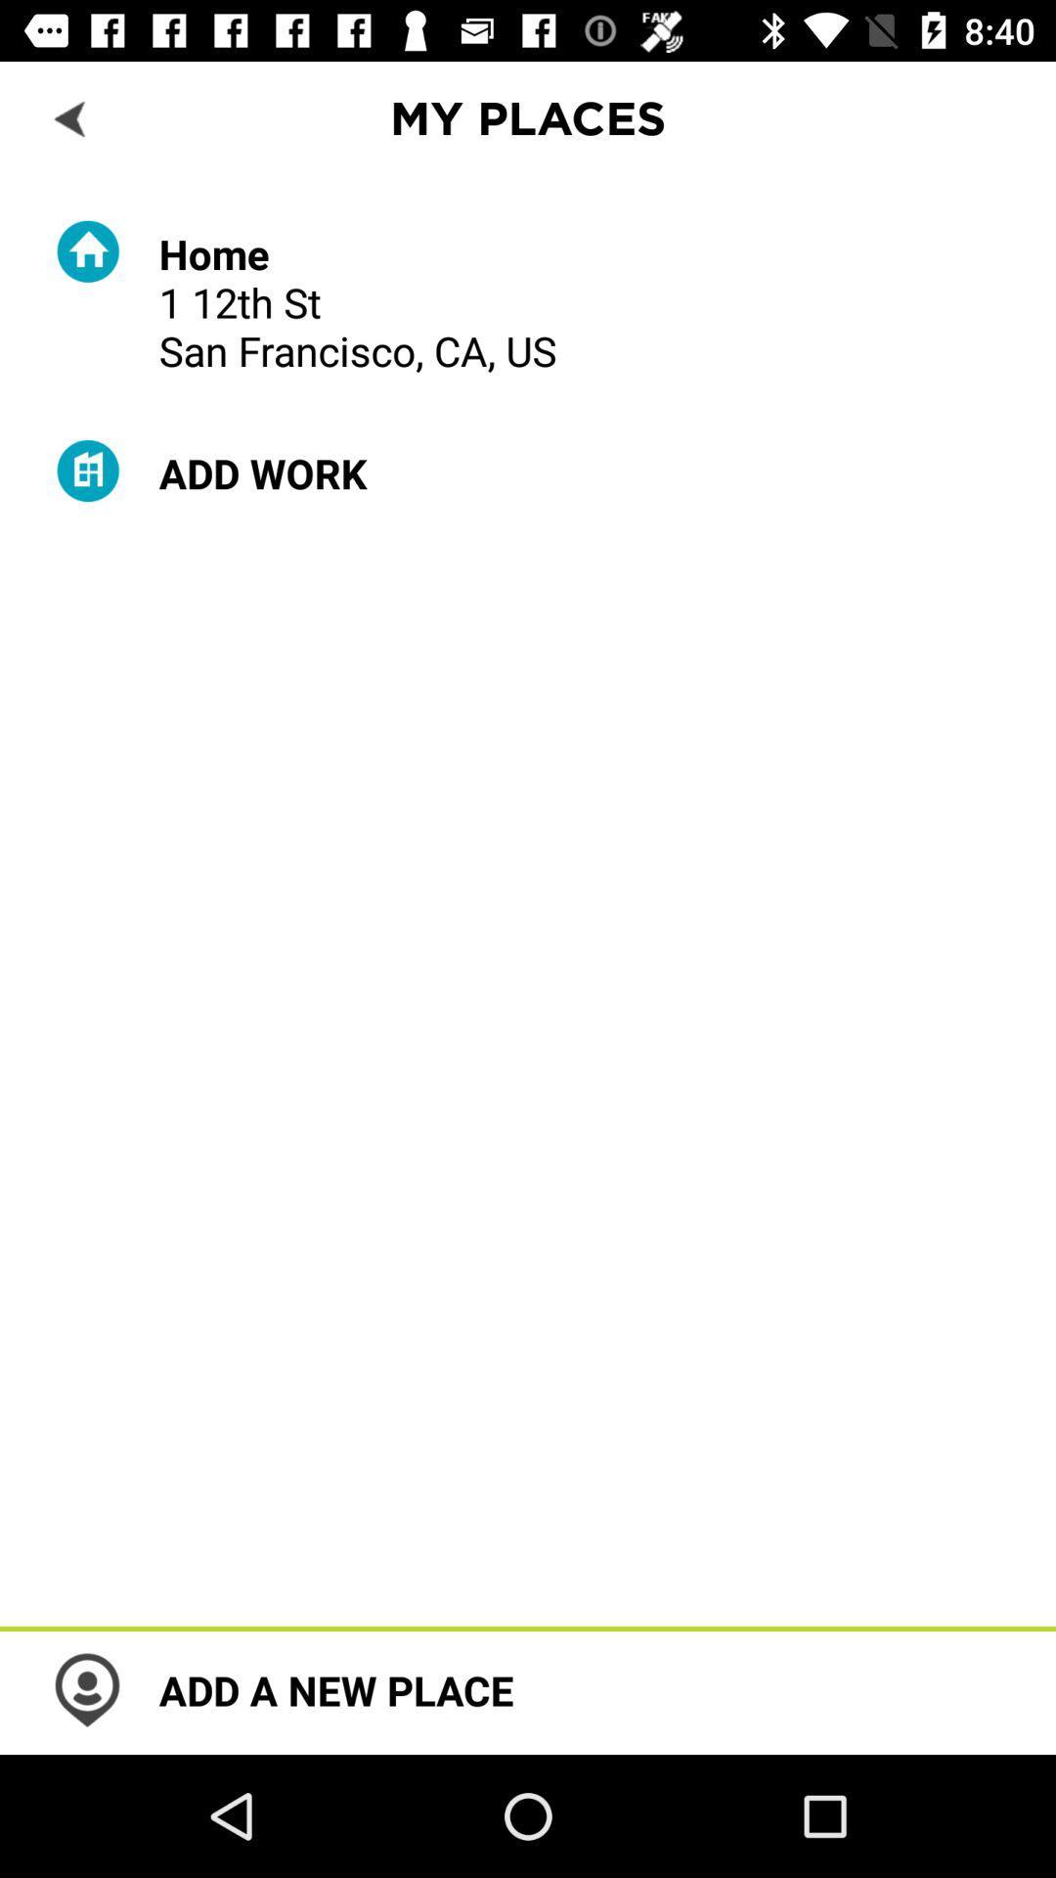 The image size is (1056, 1878). Describe the element at coordinates (358, 300) in the screenshot. I see `the item above the add work` at that location.